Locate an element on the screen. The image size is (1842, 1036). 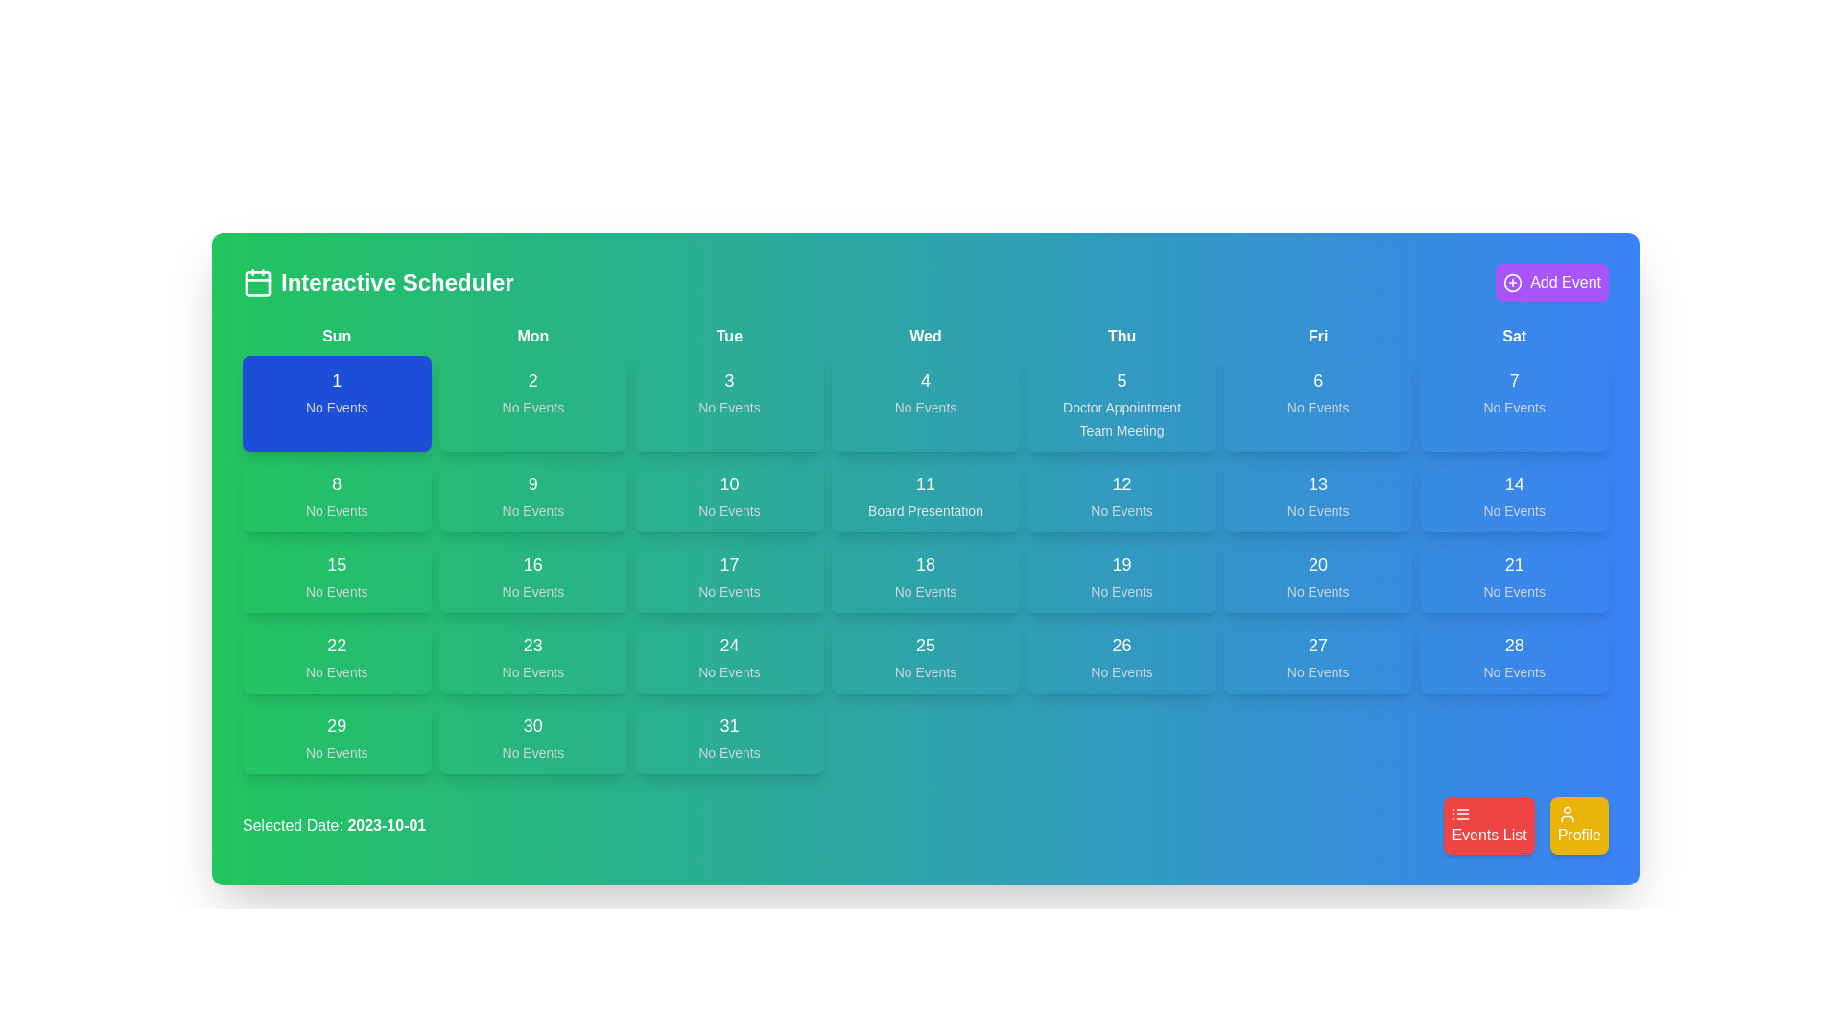
the calendar cell located in the bottom-right corner of the calendar grid, which has a green background, shows the number '31' in bold white text, and the phrase 'No Events' below it is located at coordinates (728, 736).